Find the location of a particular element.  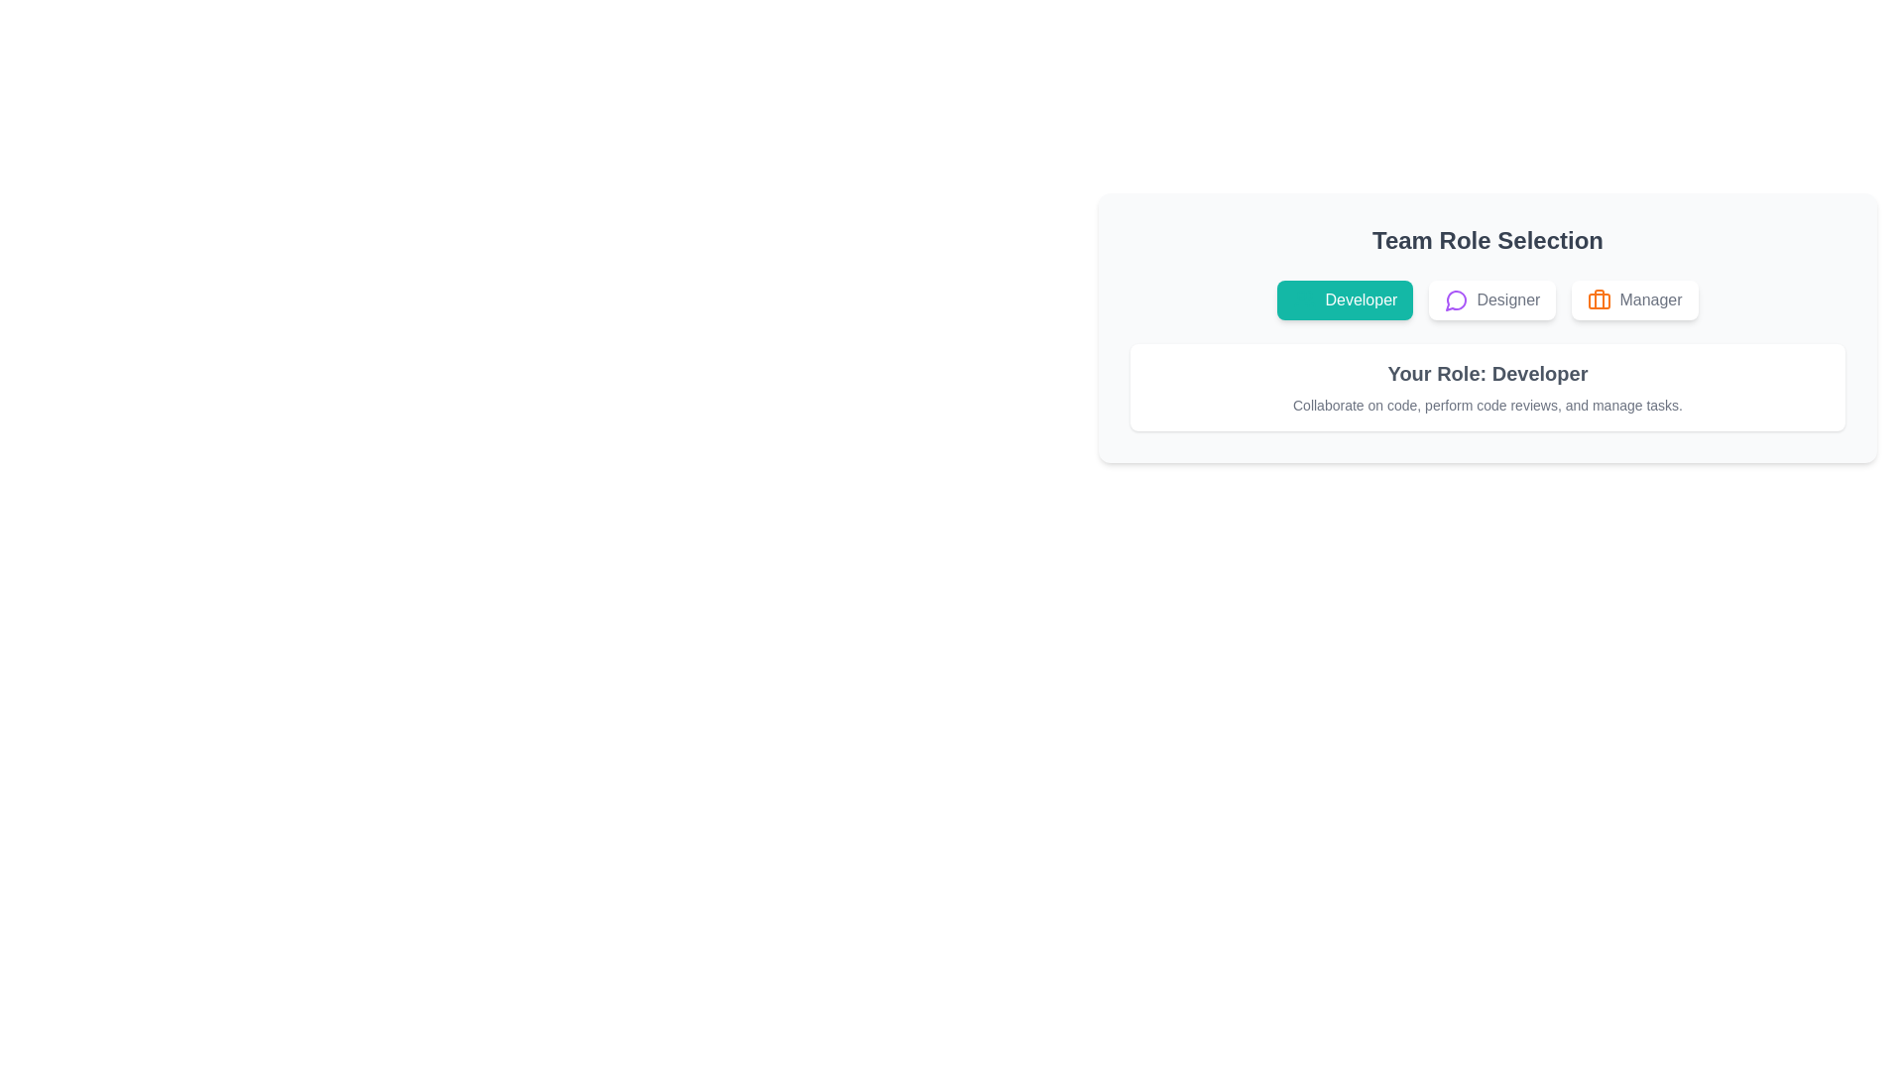

the second pill-shaped button in the row of three buttons labeled 'Team Role Selection' is located at coordinates (1487, 300).